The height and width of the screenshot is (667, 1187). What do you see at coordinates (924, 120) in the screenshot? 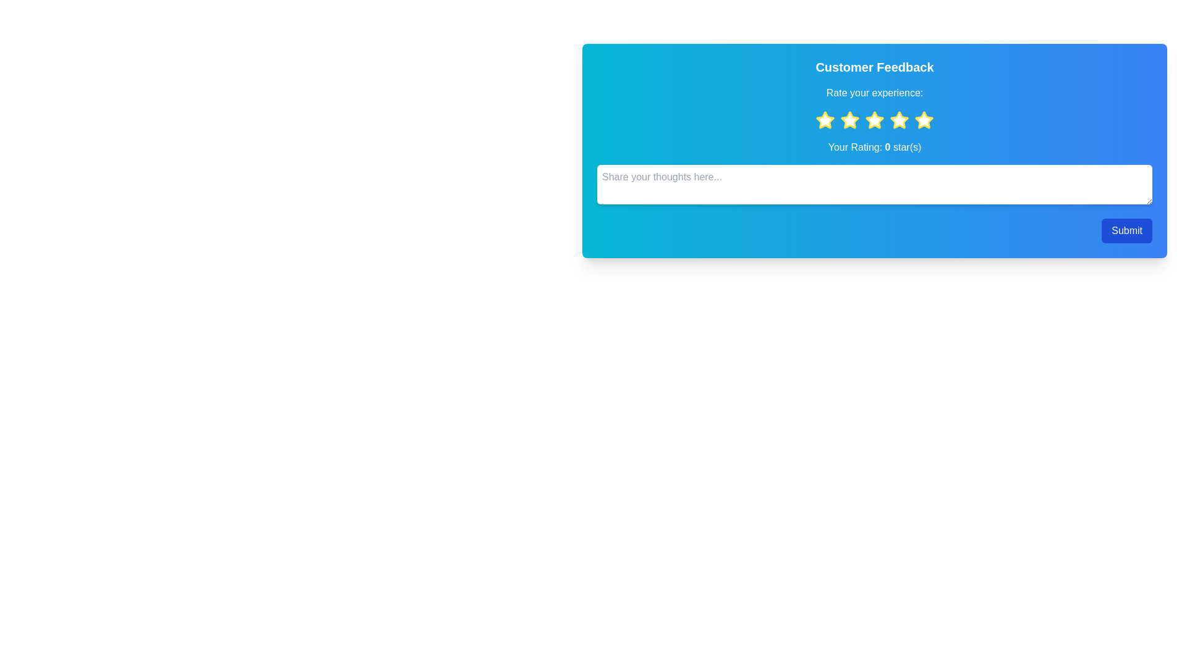
I see `the star corresponding to the desired rating 5` at bounding box center [924, 120].